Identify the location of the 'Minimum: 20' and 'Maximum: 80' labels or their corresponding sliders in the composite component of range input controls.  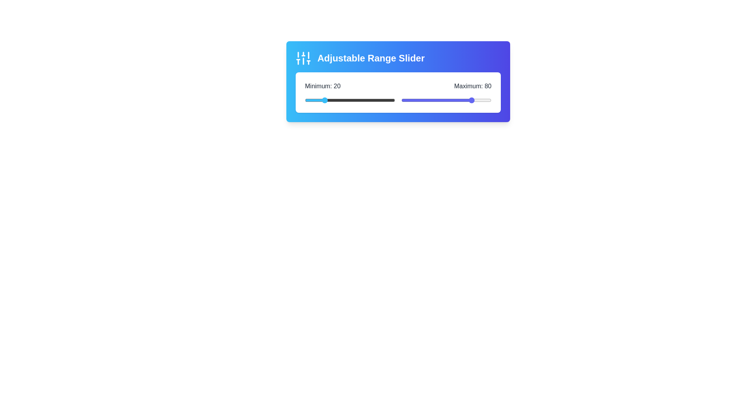
(398, 92).